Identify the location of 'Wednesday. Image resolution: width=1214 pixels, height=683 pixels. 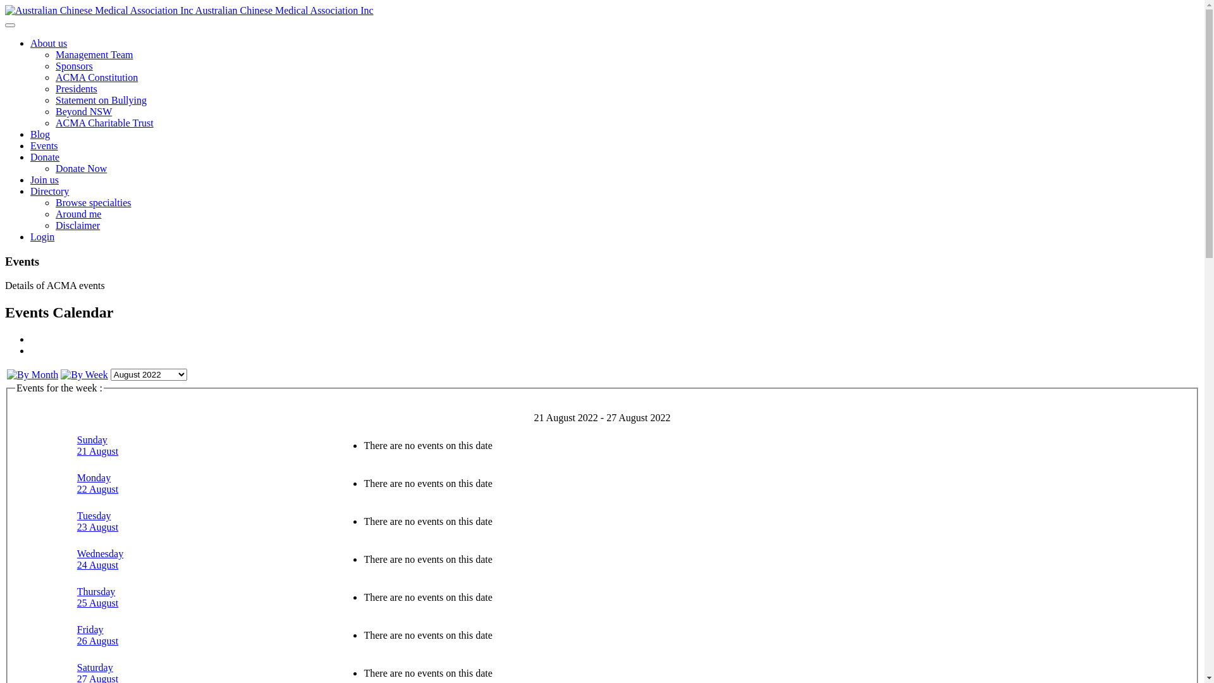
(99, 558).